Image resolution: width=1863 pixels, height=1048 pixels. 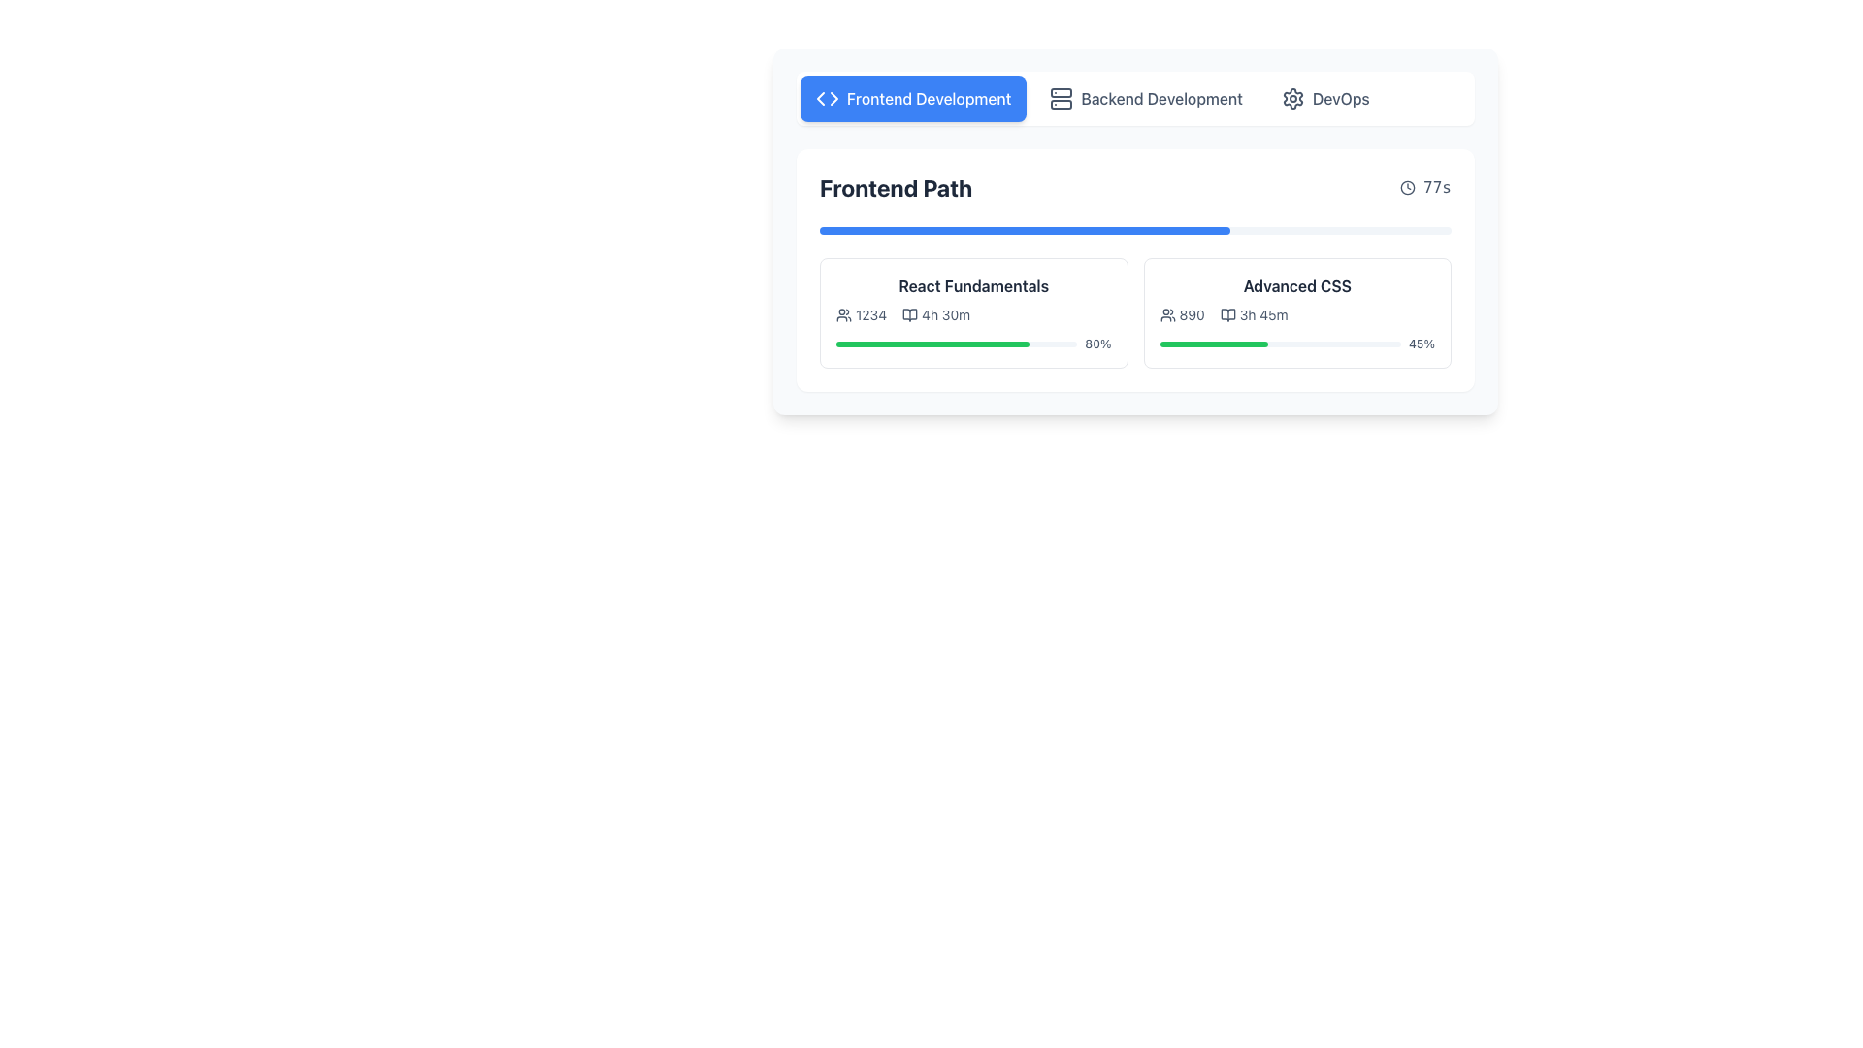 I want to click on percentage value '80%' displayed next to the progress bar located at the bottom of the 'React Fundamentals' card, beneath the text '4h 30m', so click(x=973, y=343).